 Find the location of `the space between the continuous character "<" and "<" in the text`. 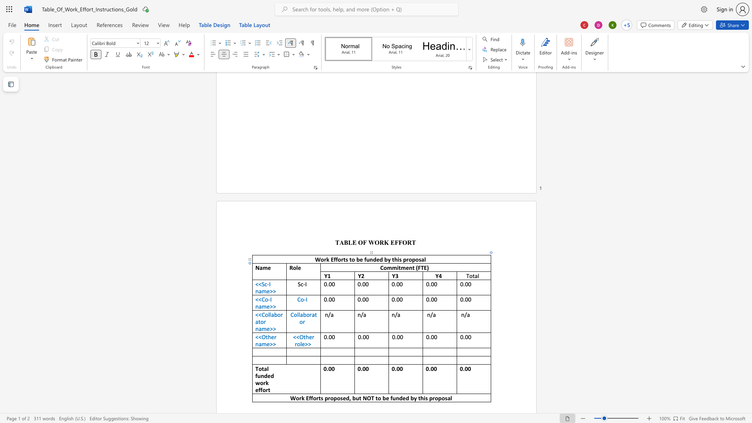

the space between the continuous character "<" and "<" in the text is located at coordinates (258, 299).